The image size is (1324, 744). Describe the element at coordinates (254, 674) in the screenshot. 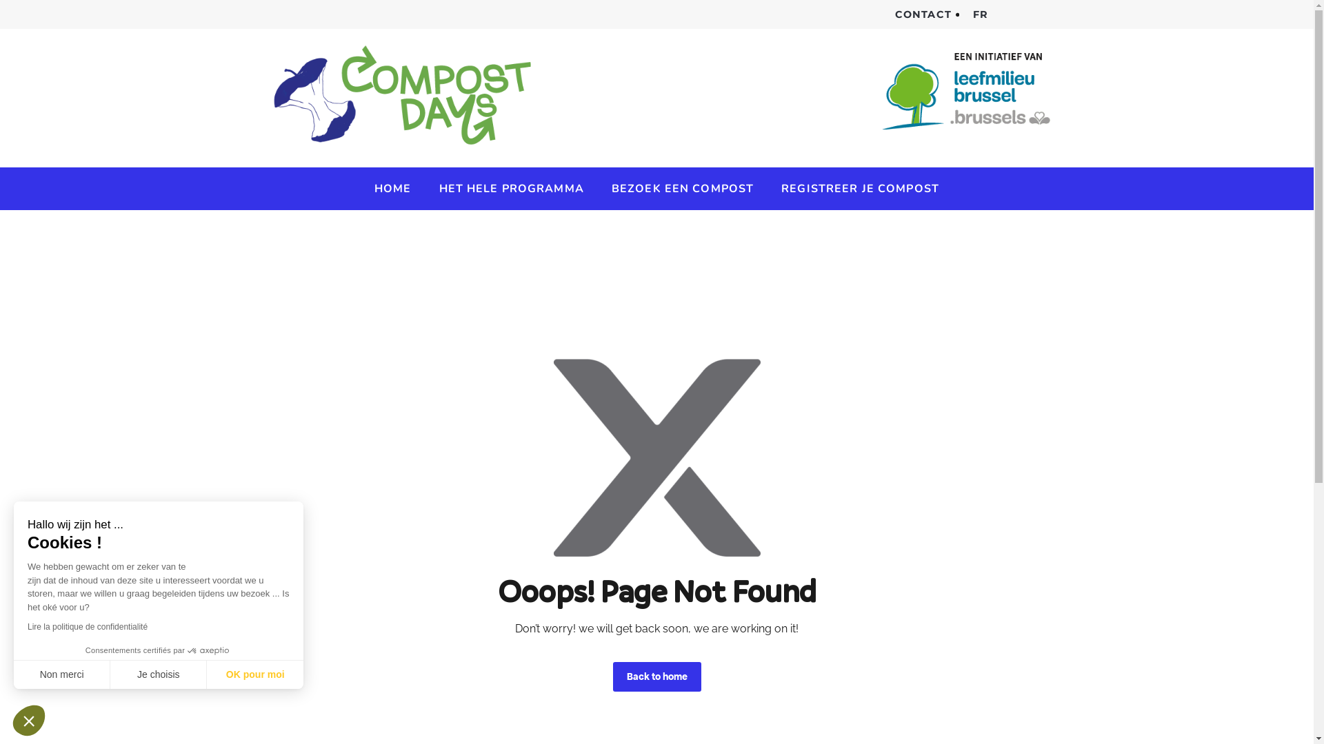

I see `'OK pour moi'` at that location.